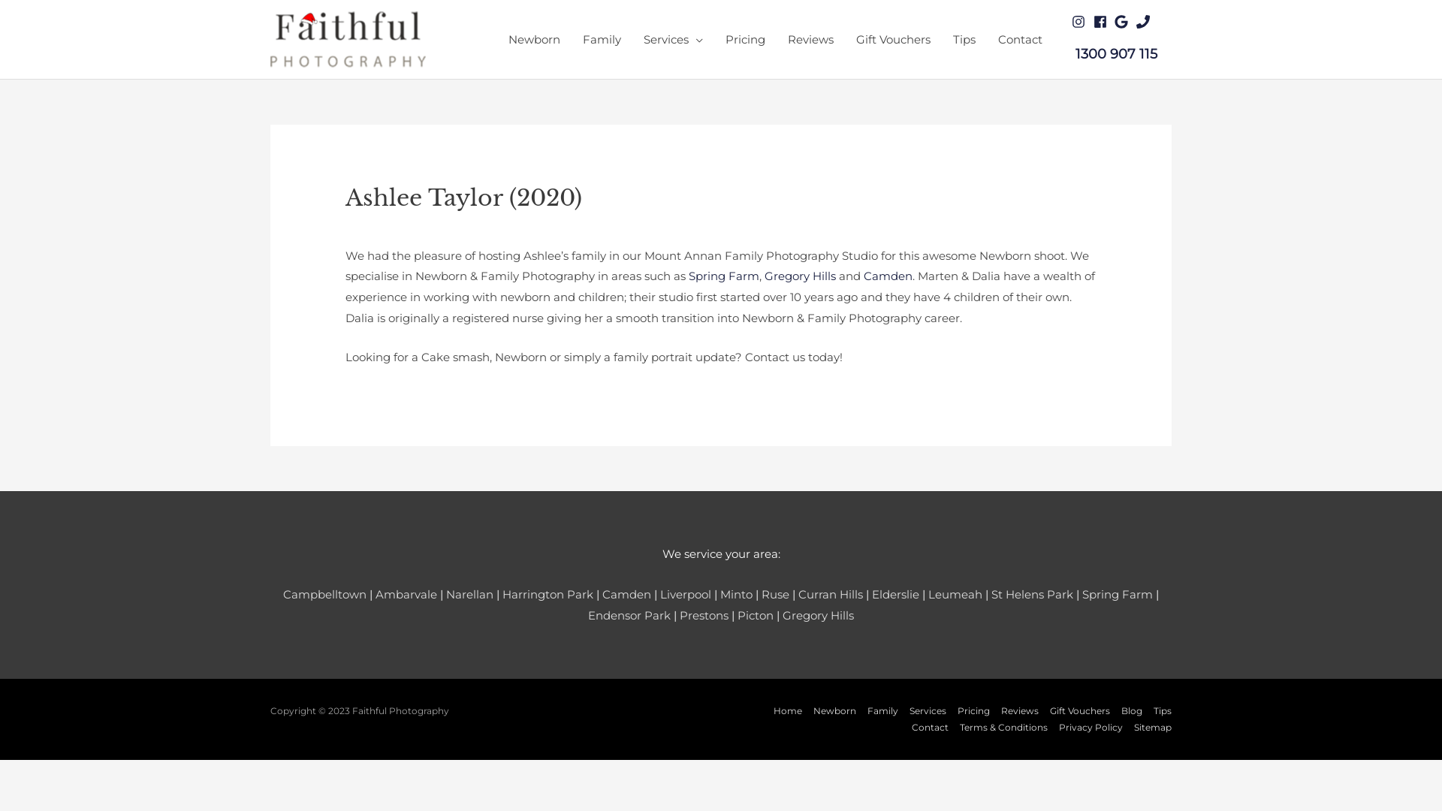 This screenshot has width=1442, height=811. Describe the element at coordinates (1148, 726) in the screenshot. I see `'Sitemap'` at that location.